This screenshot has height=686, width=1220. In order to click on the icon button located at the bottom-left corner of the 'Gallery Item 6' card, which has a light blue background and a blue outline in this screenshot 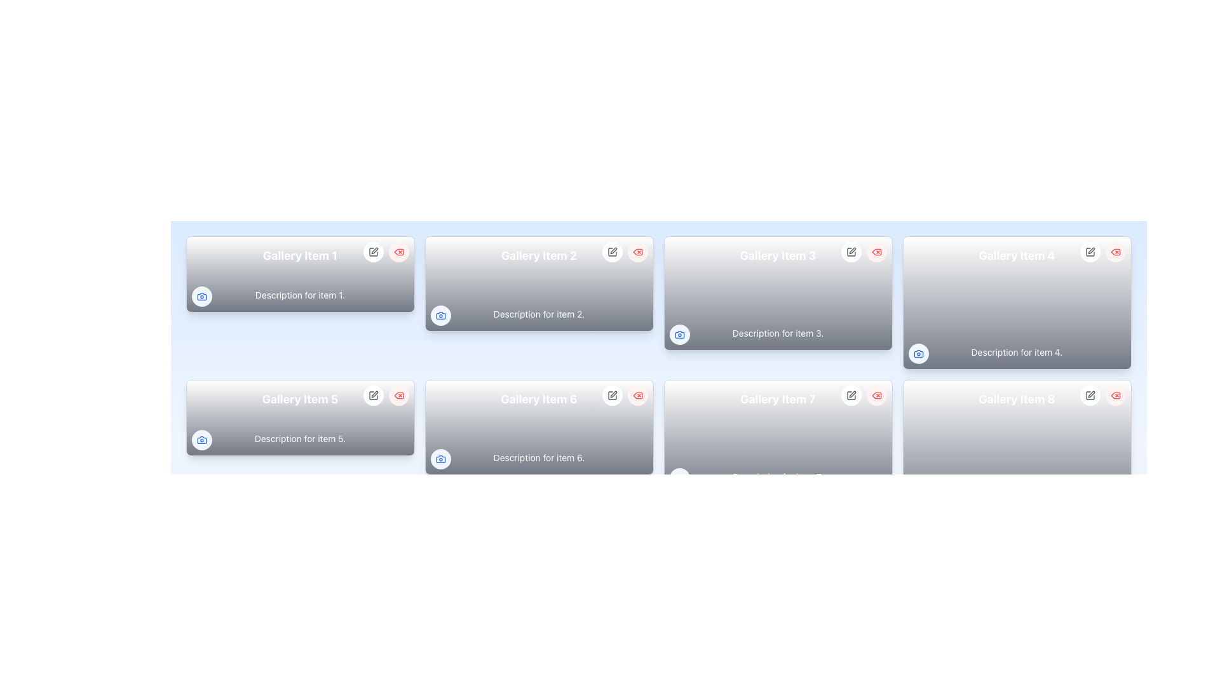, I will do `click(440, 459)`.